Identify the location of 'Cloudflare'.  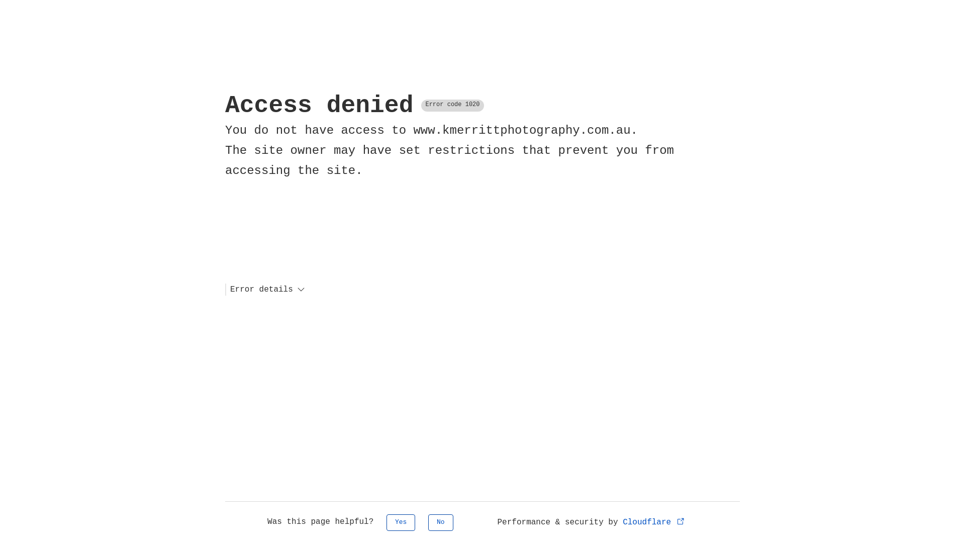
(654, 521).